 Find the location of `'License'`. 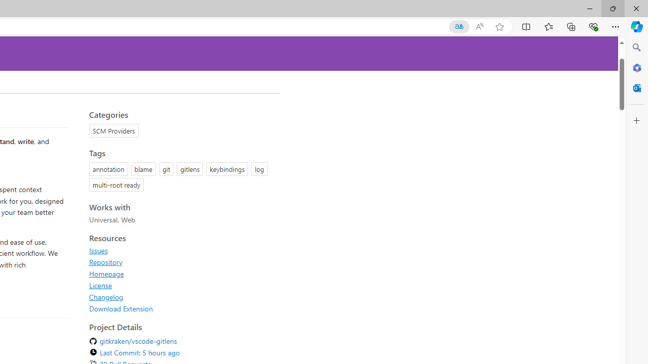

'License' is located at coordinates (101, 285).